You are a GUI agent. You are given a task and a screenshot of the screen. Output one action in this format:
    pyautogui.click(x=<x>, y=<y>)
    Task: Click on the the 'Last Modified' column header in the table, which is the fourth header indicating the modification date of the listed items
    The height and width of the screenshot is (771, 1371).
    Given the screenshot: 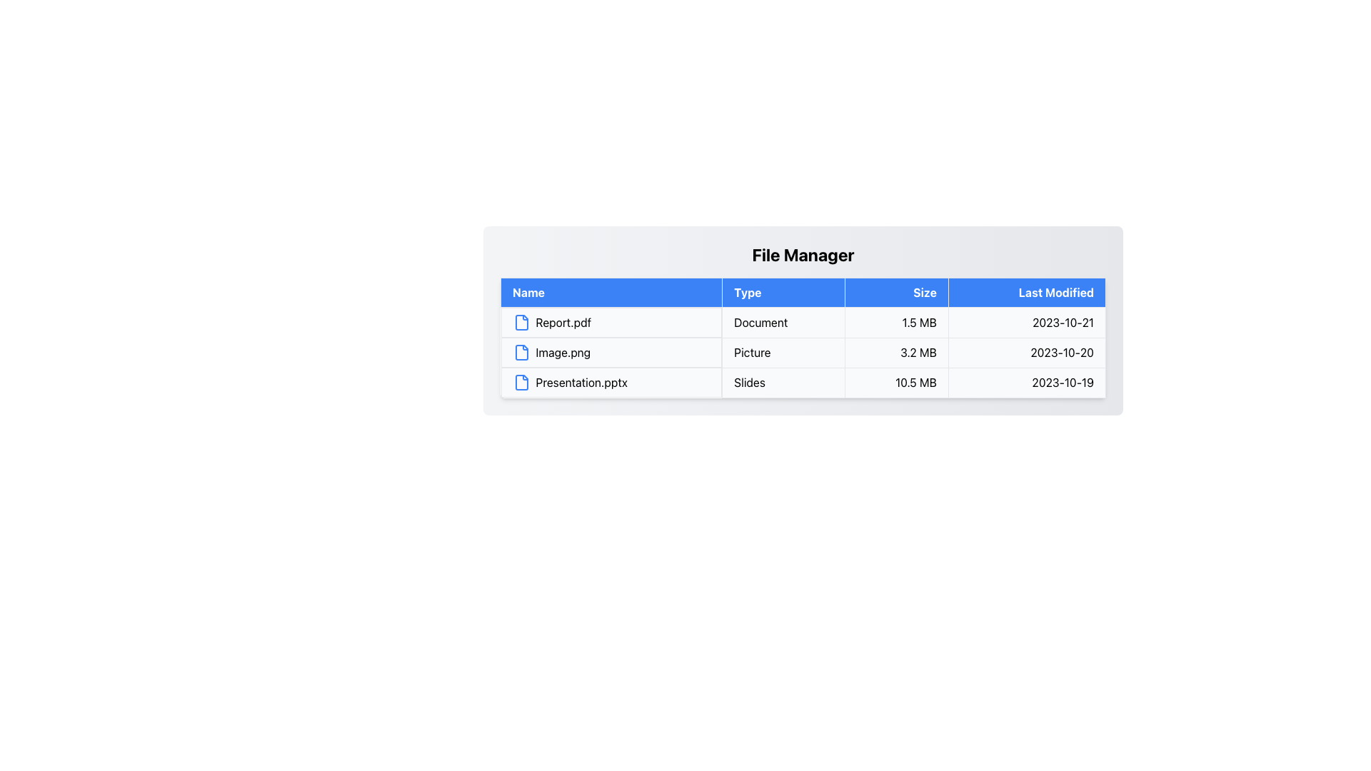 What is the action you would take?
    pyautogui.click(x=1026, y=291)
    